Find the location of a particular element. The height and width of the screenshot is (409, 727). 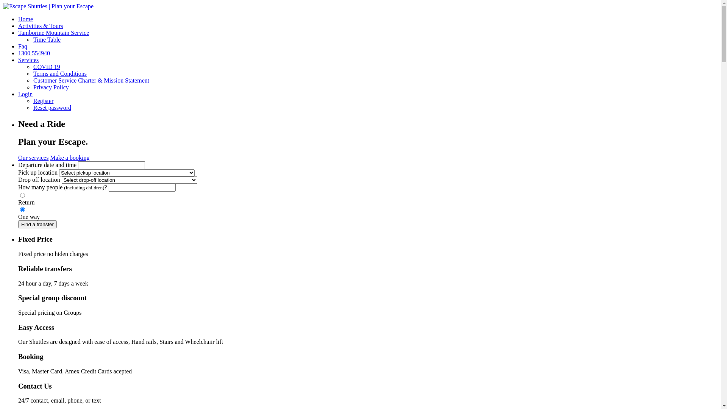

'Our services' is located at coordinates (18, 157).